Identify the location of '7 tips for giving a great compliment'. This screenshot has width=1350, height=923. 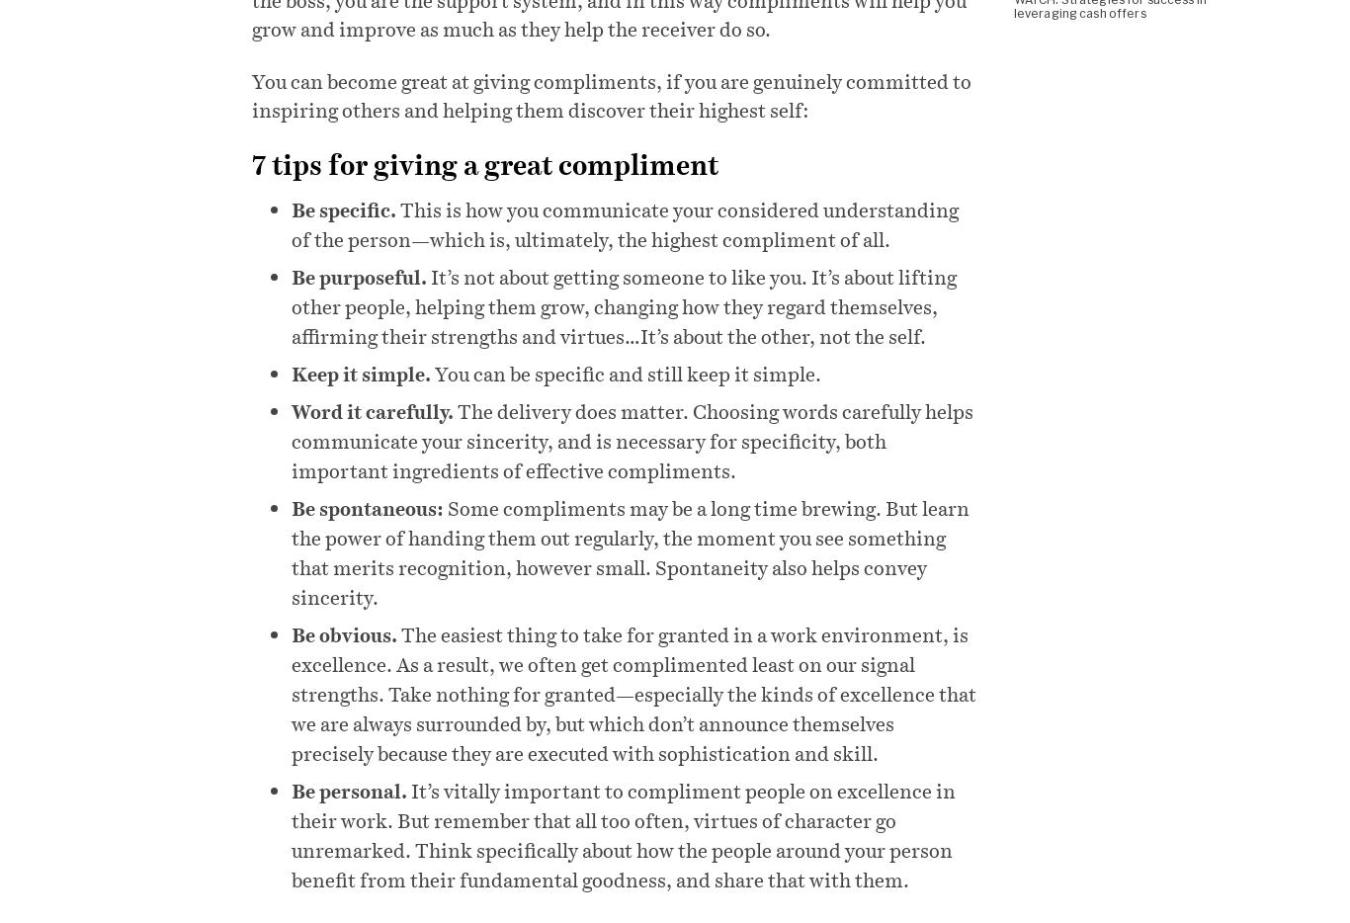
(484, 163).